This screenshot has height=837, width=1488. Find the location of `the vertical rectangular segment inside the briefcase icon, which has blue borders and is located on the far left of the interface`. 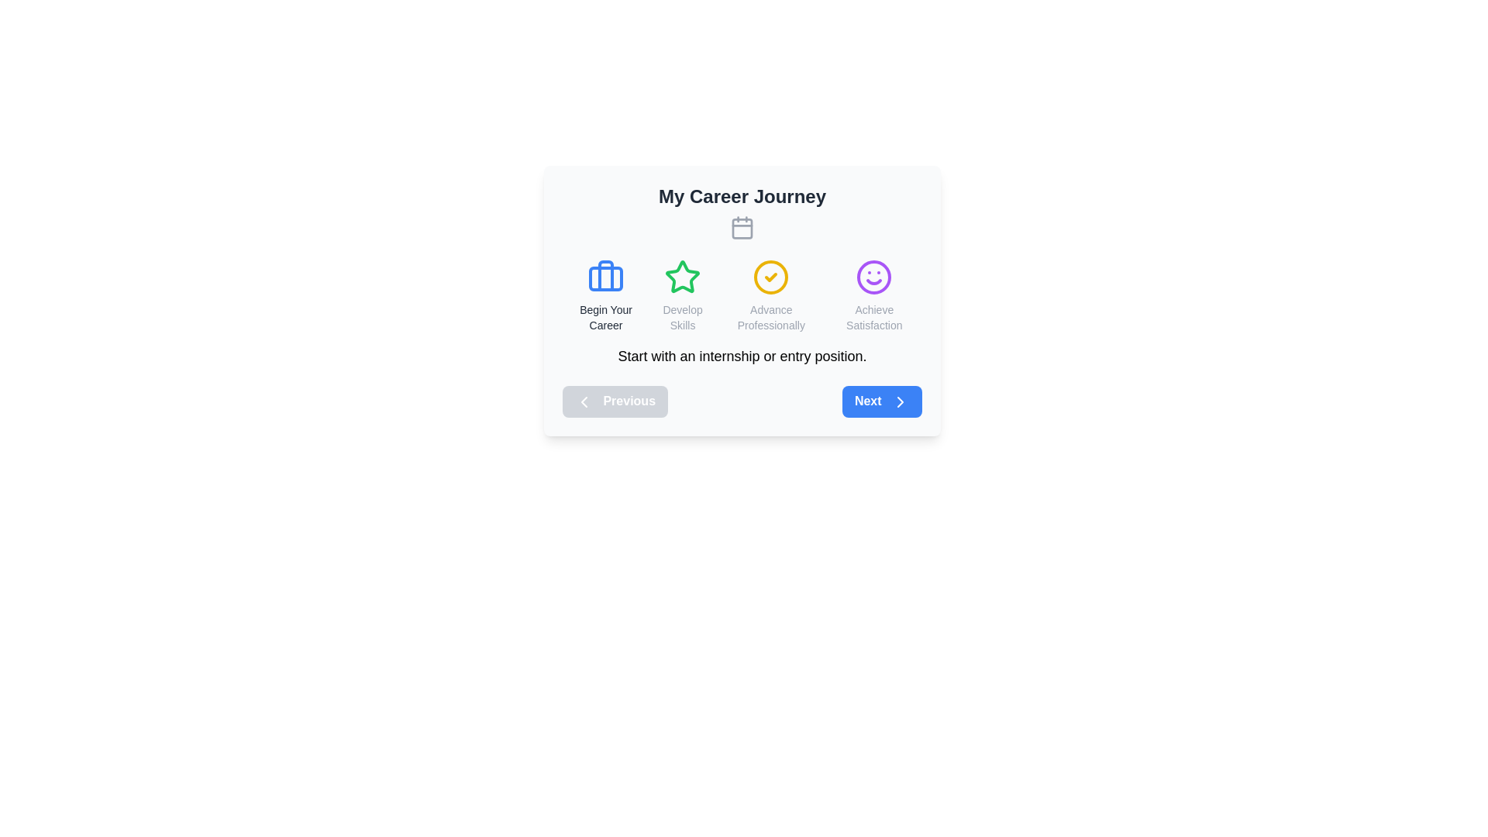

the vertical rectangular segment inside the briefcase icon, which has blue borders and is located on the far left of the interface is located at coordinates (605, 274).